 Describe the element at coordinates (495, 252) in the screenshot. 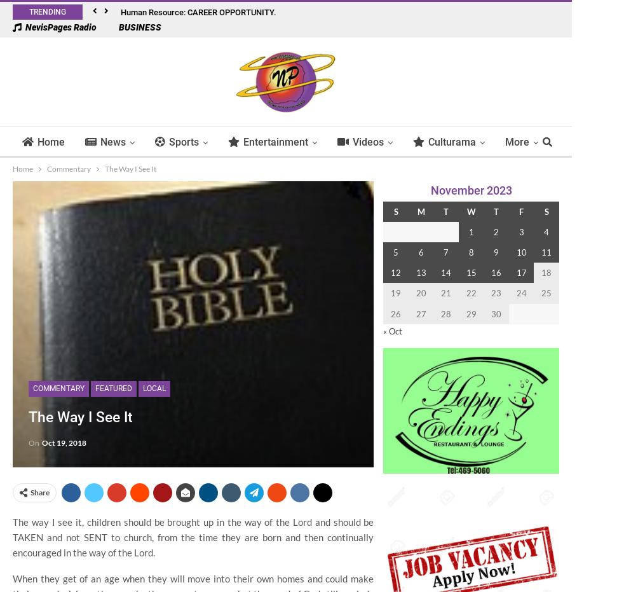

I see `'9'` at that location.